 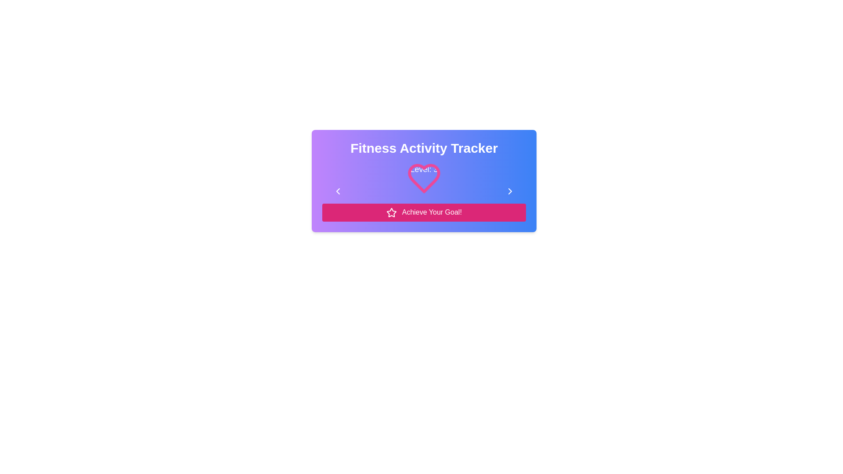 What do you see at coordinates (391, 212) in the screenshot?
I see `the decorative star icon located to the left of the text 'Achieve Your Goal!' within a pink button` at bounding box center [391, 212].